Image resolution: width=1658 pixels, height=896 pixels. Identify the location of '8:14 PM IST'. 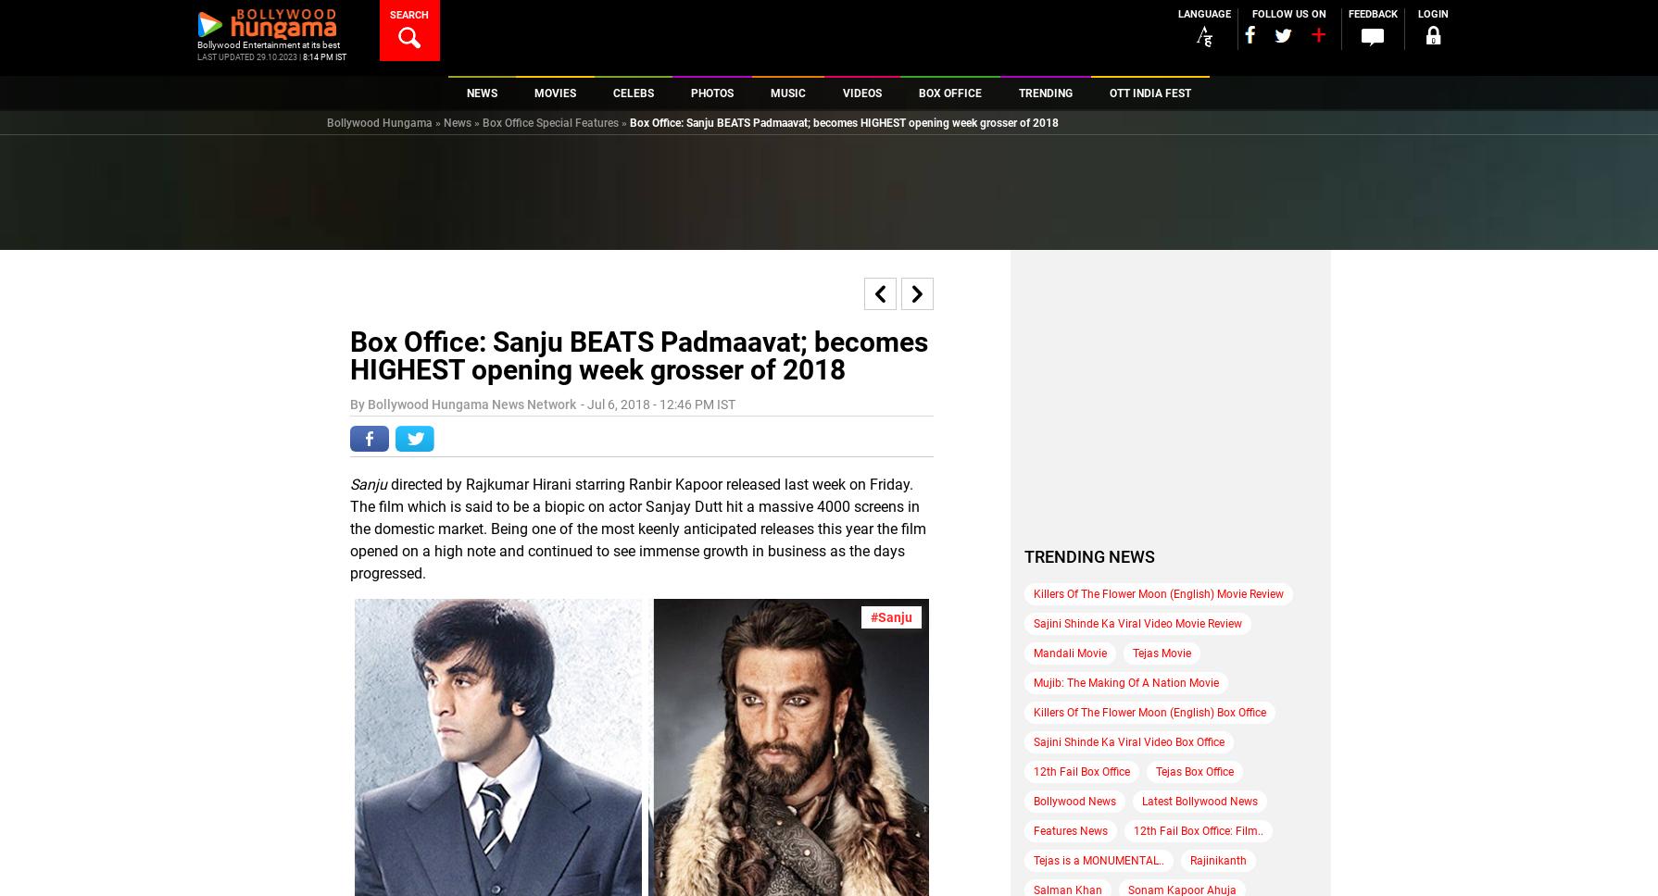
(323, 56).